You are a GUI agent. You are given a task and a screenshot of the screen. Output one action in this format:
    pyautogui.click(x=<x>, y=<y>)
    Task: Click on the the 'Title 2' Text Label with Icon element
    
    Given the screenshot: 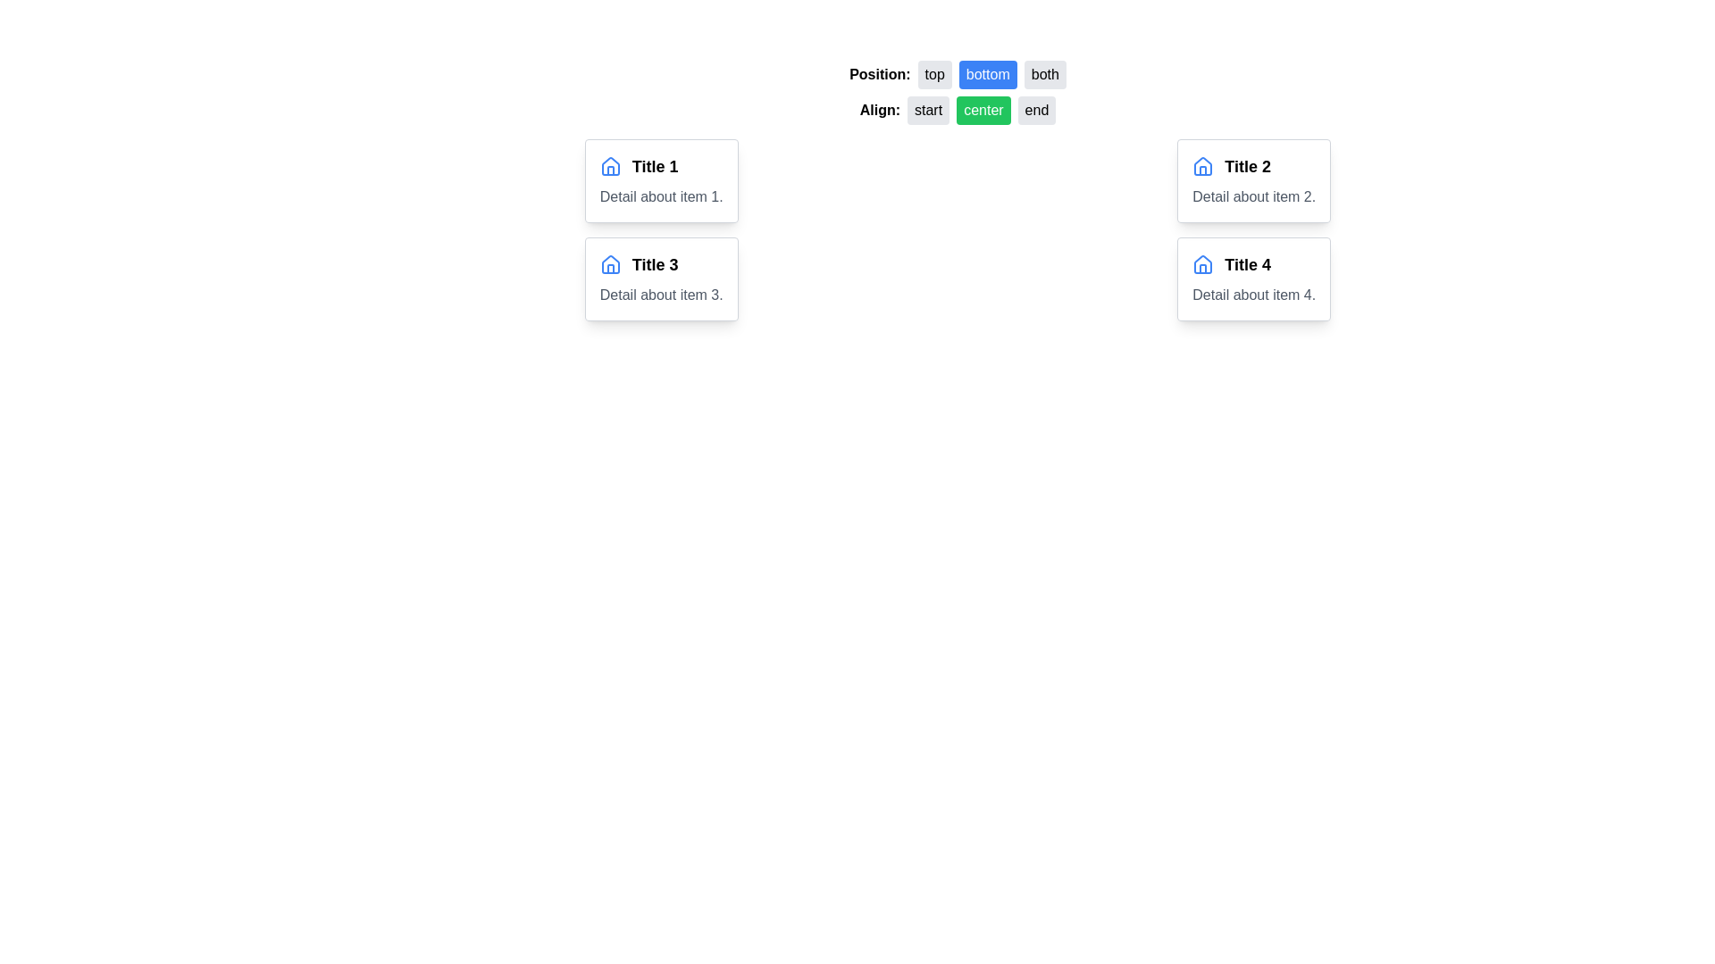 What is the action you would take?
    pyautogui.click(x=1253, y=166)
    